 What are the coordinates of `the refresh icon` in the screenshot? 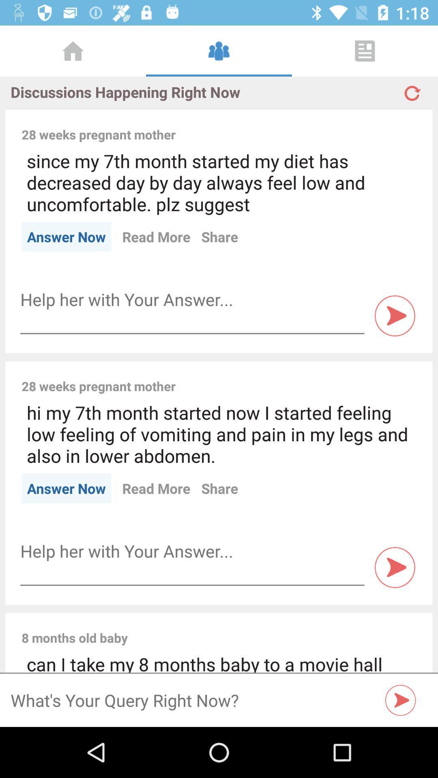 It's located at (411, 90).